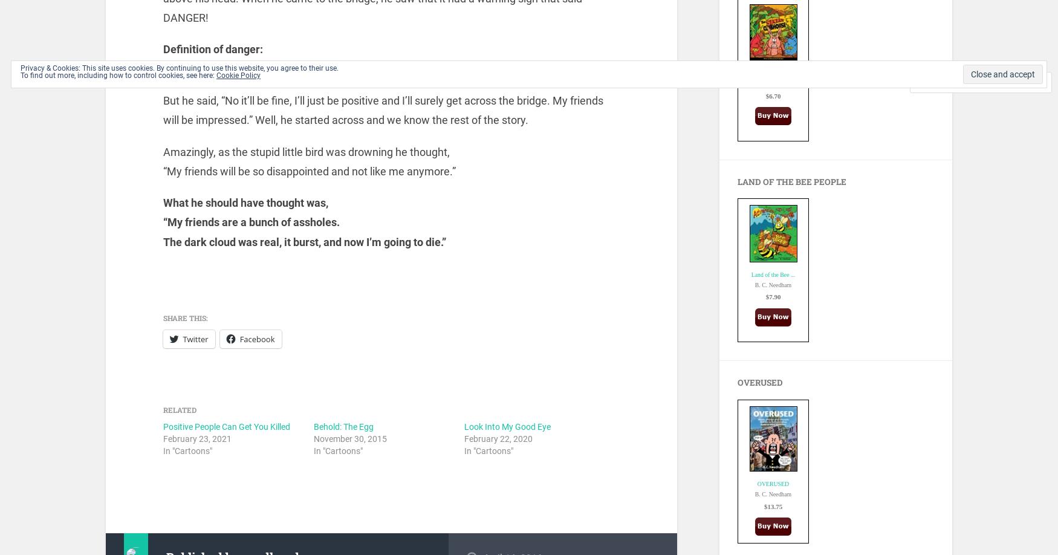  What do you see at coordinates (365, 241) in the screenshot?
I see `'it burst, and now I’m going to die.”'` at bounding box center [365, 241].